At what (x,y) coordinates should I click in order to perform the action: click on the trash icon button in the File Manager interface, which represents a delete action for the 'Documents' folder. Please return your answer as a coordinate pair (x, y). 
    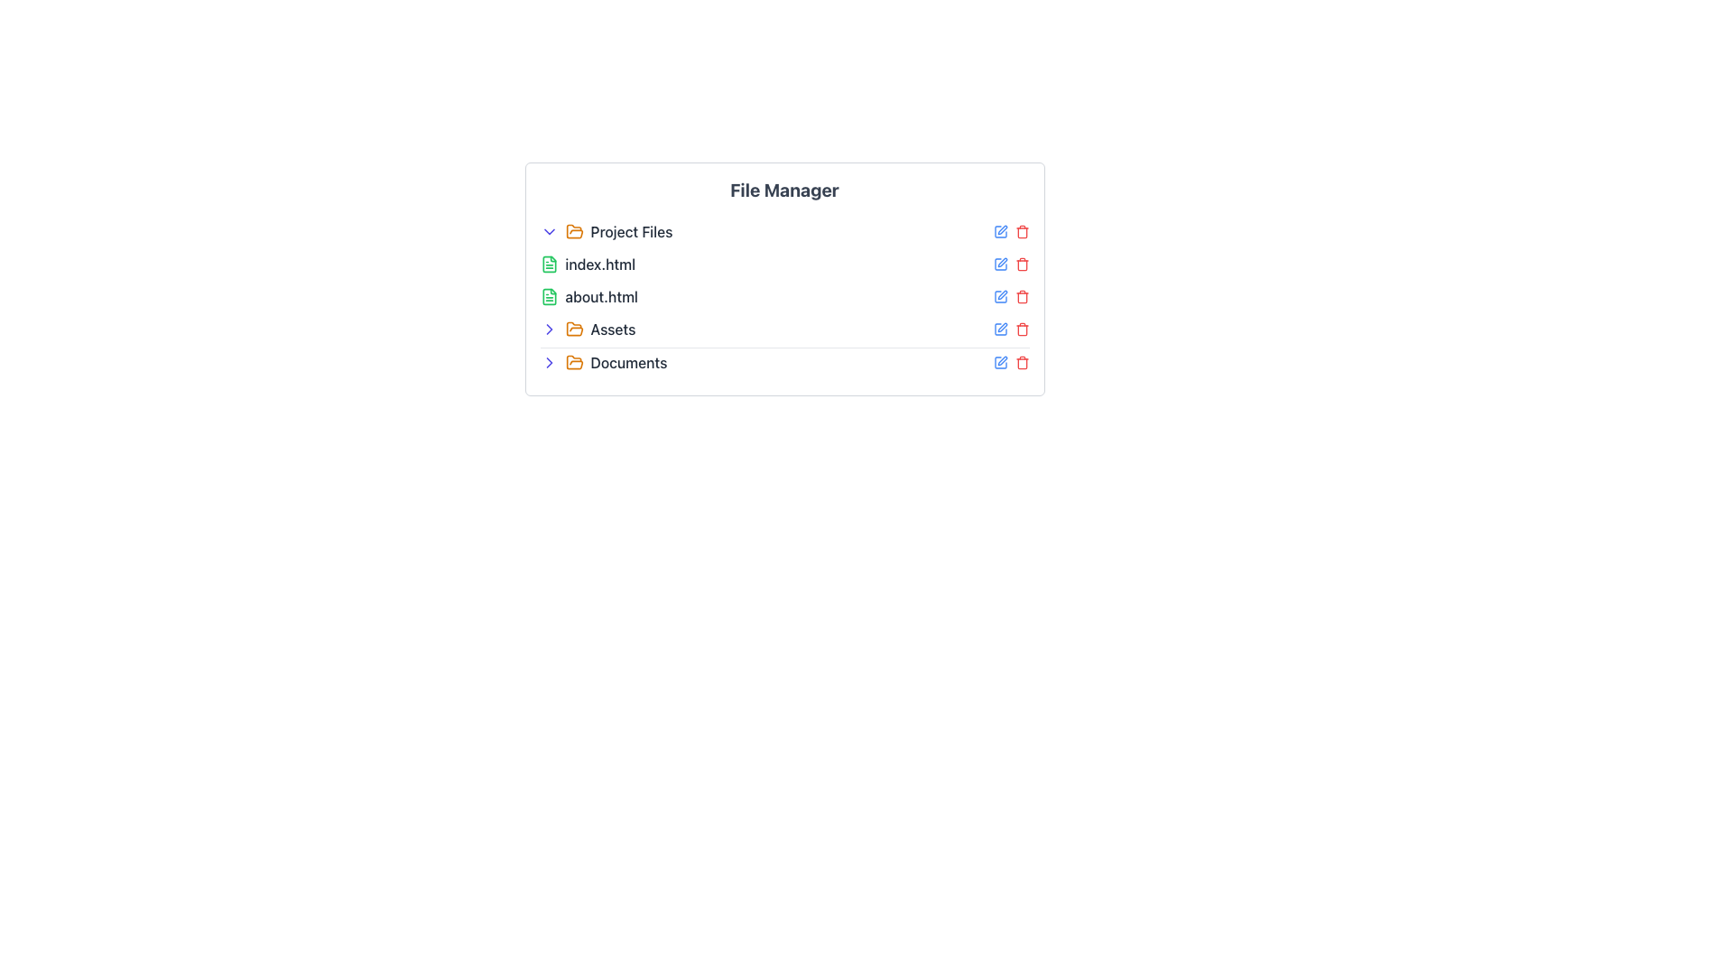
    Looking at the image, I should click on (1022, 362).